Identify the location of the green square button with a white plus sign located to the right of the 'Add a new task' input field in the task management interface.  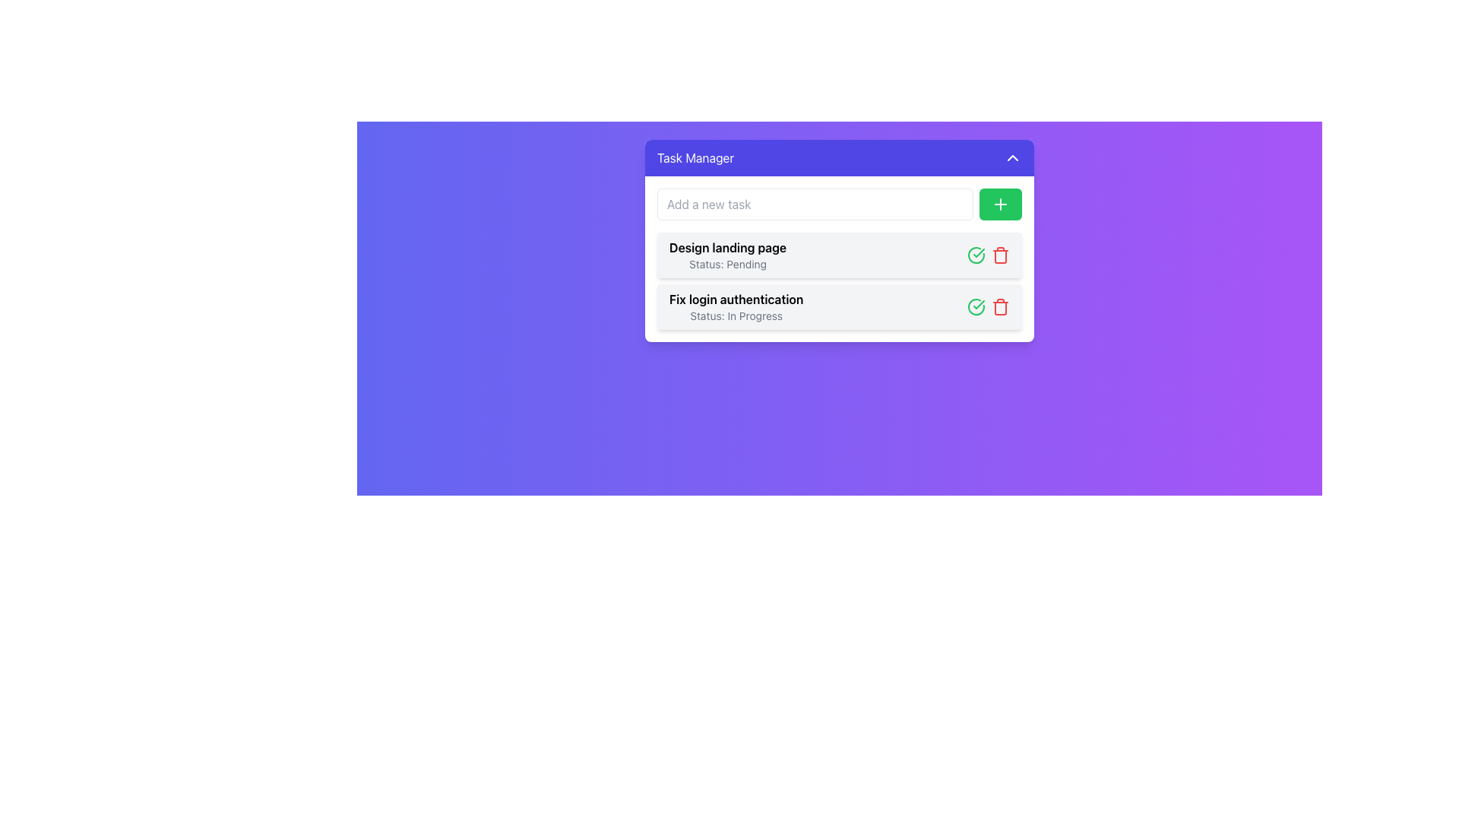
(1000, 204).